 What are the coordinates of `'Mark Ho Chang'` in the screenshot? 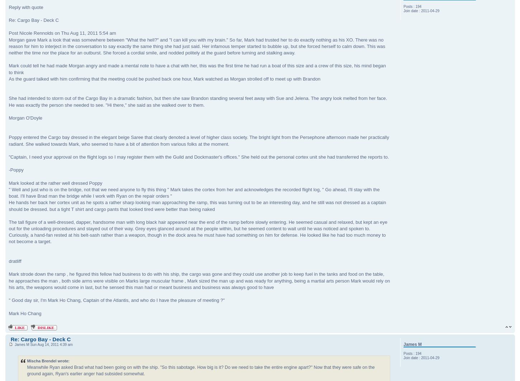 It's located at (25, 313).